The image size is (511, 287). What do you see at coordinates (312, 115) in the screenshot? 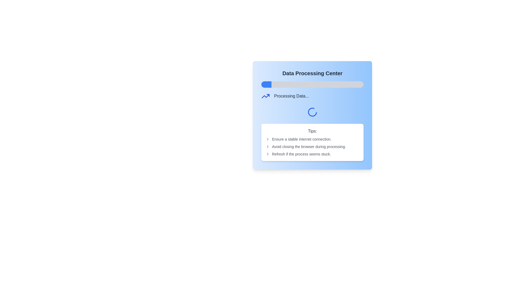
I see `the animation of the blue circular loader icon located below the 'Processing Data...' text and above the white tips box` at bounding box center [312, 115].